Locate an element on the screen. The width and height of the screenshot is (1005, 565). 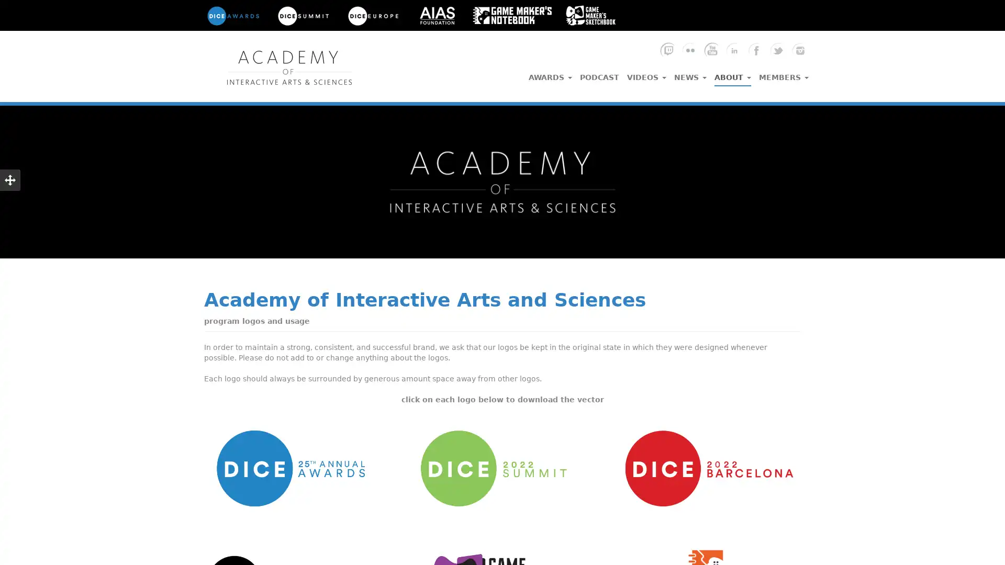
VIDEOS is located at coordinates (646, 74).